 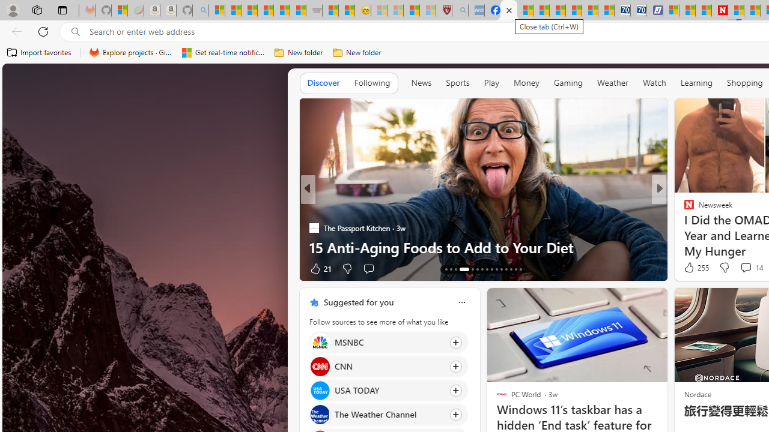 I want to click on 'Search icon', so click(x=75, y=31).